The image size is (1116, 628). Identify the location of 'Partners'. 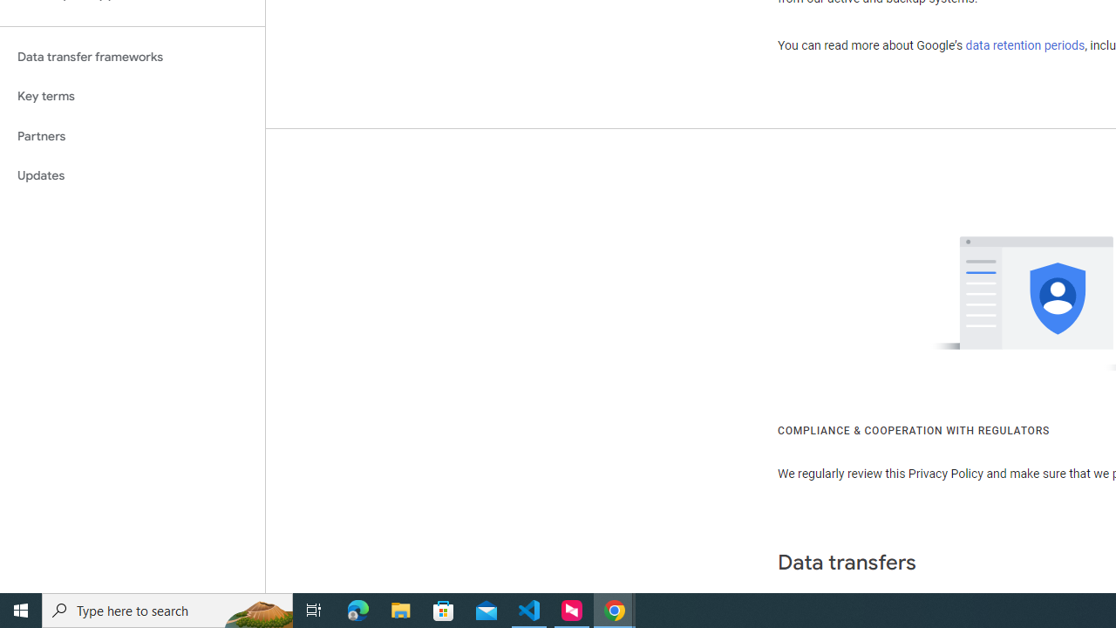
(132, 135).